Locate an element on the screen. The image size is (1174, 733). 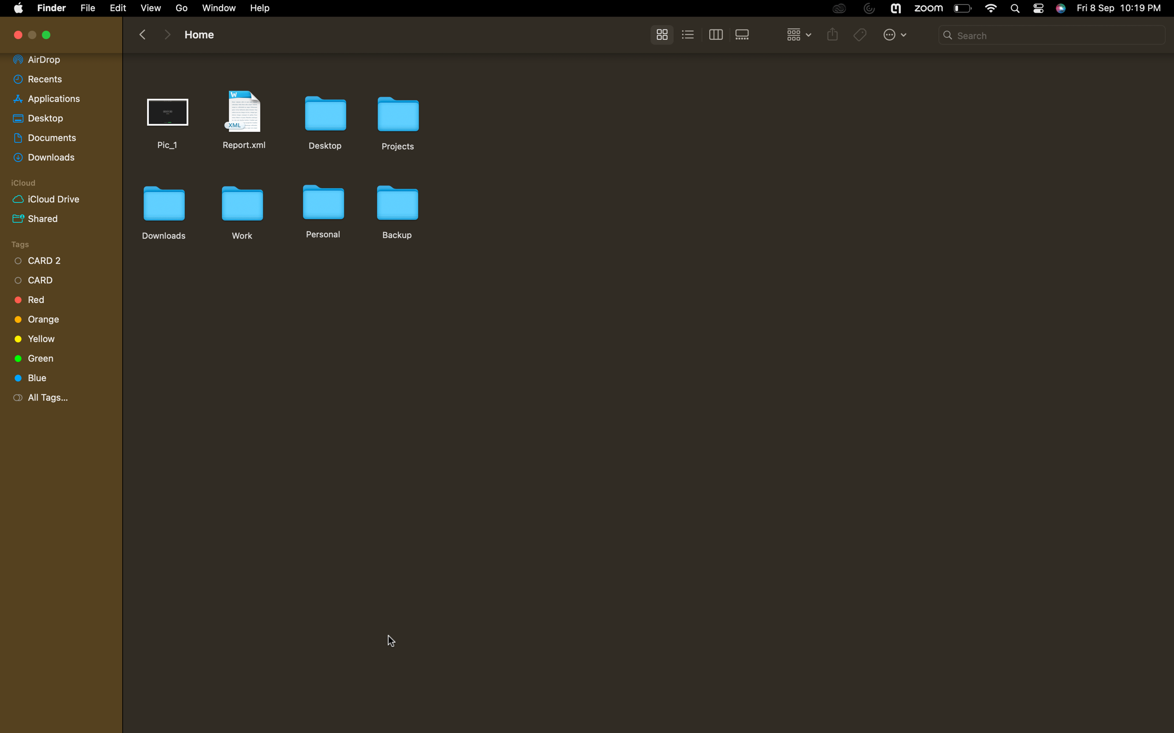
Erase the initial file is located at coordinates (169, 119).